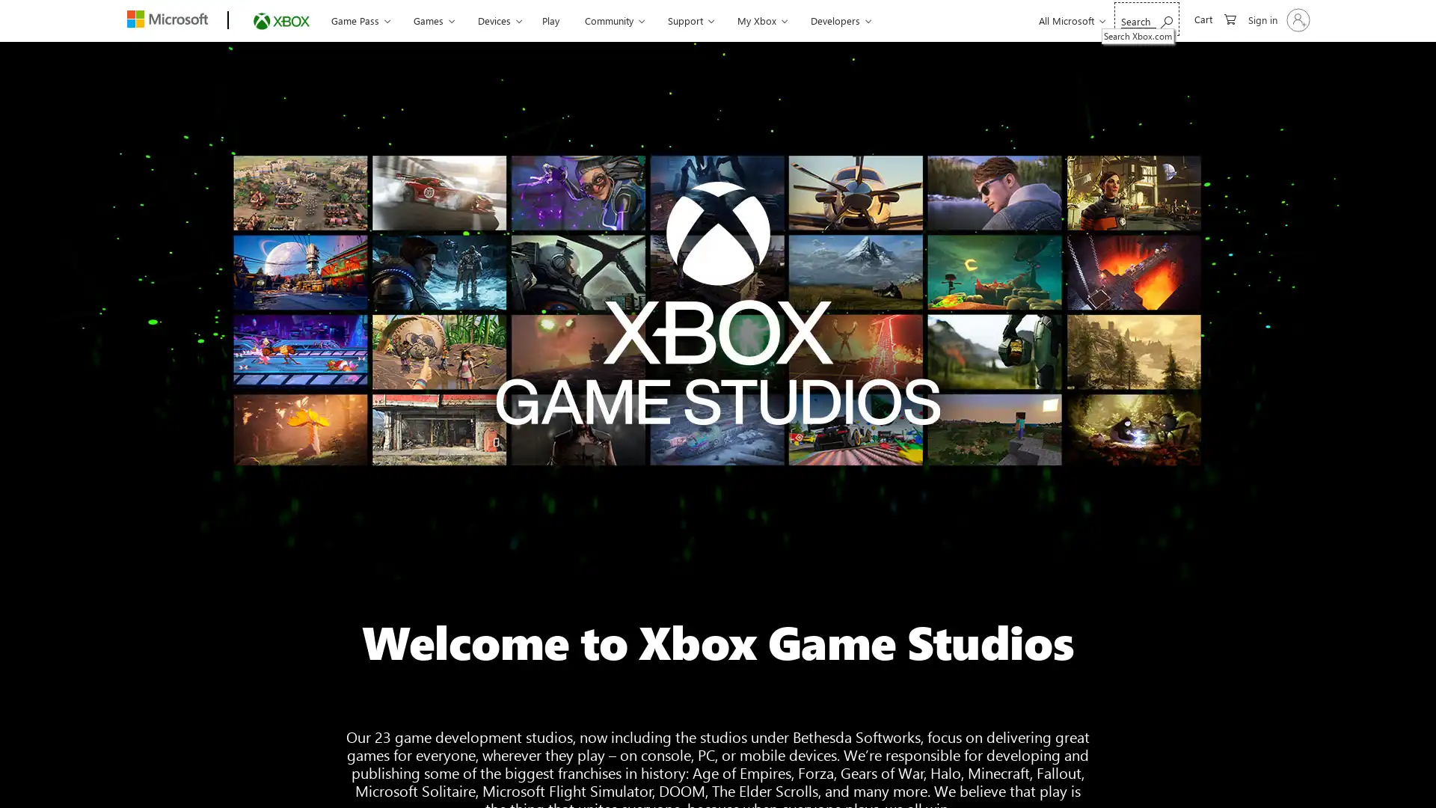 This screenshot has height=808, width=1436. What do you see at coordinates (1146, 19) in the screenshot?
I see `Search Xbox.com` at bounding box center [1146, 19].